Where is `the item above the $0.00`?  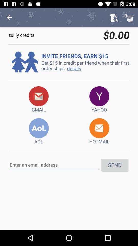
the item above the $0.00 is located at coordinates (114, 17).